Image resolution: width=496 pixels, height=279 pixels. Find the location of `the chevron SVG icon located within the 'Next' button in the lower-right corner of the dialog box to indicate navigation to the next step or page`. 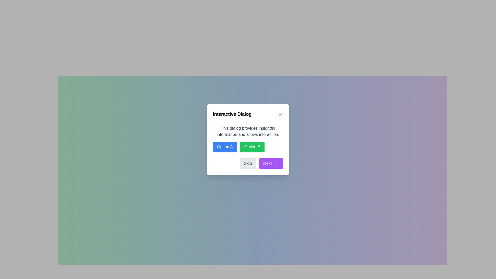

the chevron SVG icon located within the 'Next' button in the lower-right corner of the dialog box to indicate navigation to the next step or page is located at coordinates (276, 163).